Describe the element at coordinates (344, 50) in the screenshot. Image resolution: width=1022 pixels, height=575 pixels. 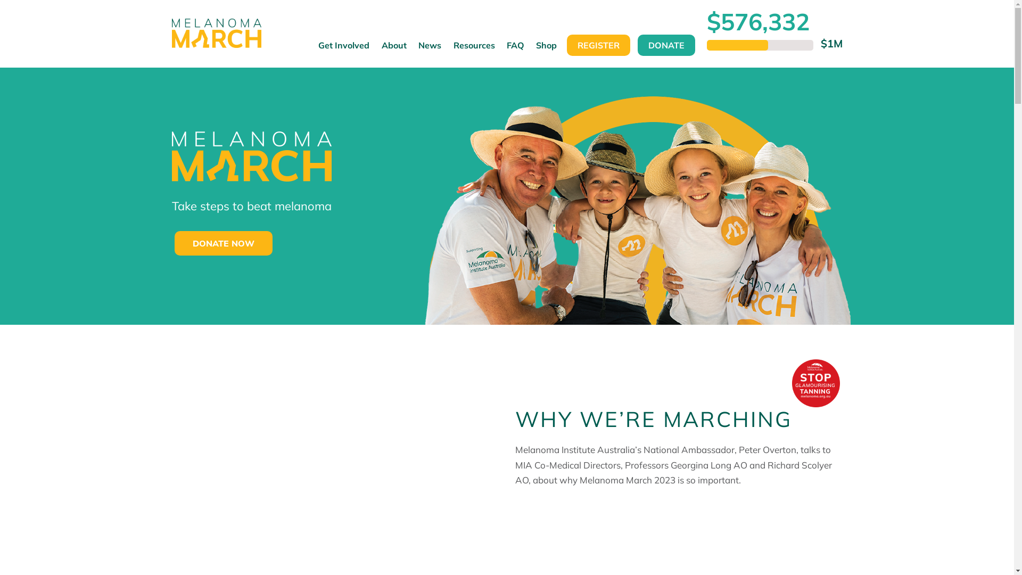
I see `'Get Involved'` at that location.